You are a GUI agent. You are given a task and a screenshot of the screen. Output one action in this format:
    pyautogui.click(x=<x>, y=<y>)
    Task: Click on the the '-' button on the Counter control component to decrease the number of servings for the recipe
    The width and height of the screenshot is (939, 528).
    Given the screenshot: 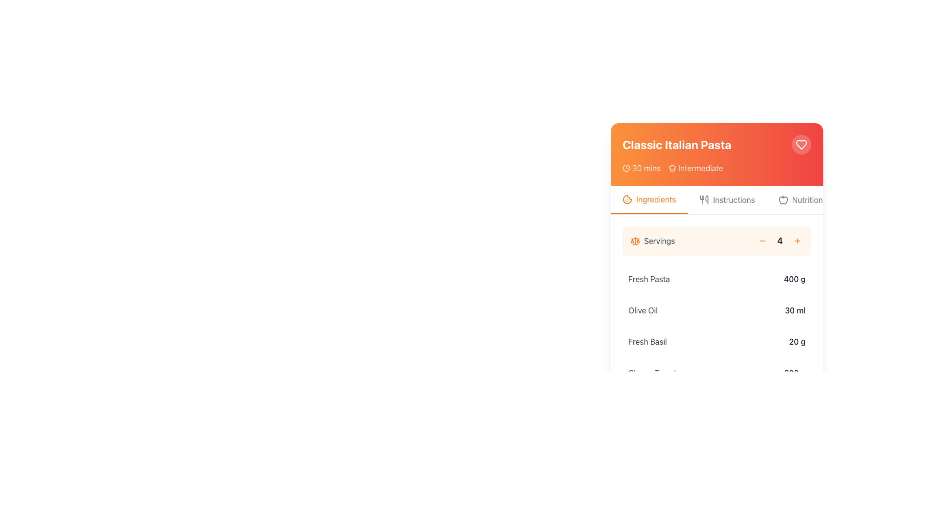 What is the action you would take?
    pyautogui.click(x=716, y=241)
    